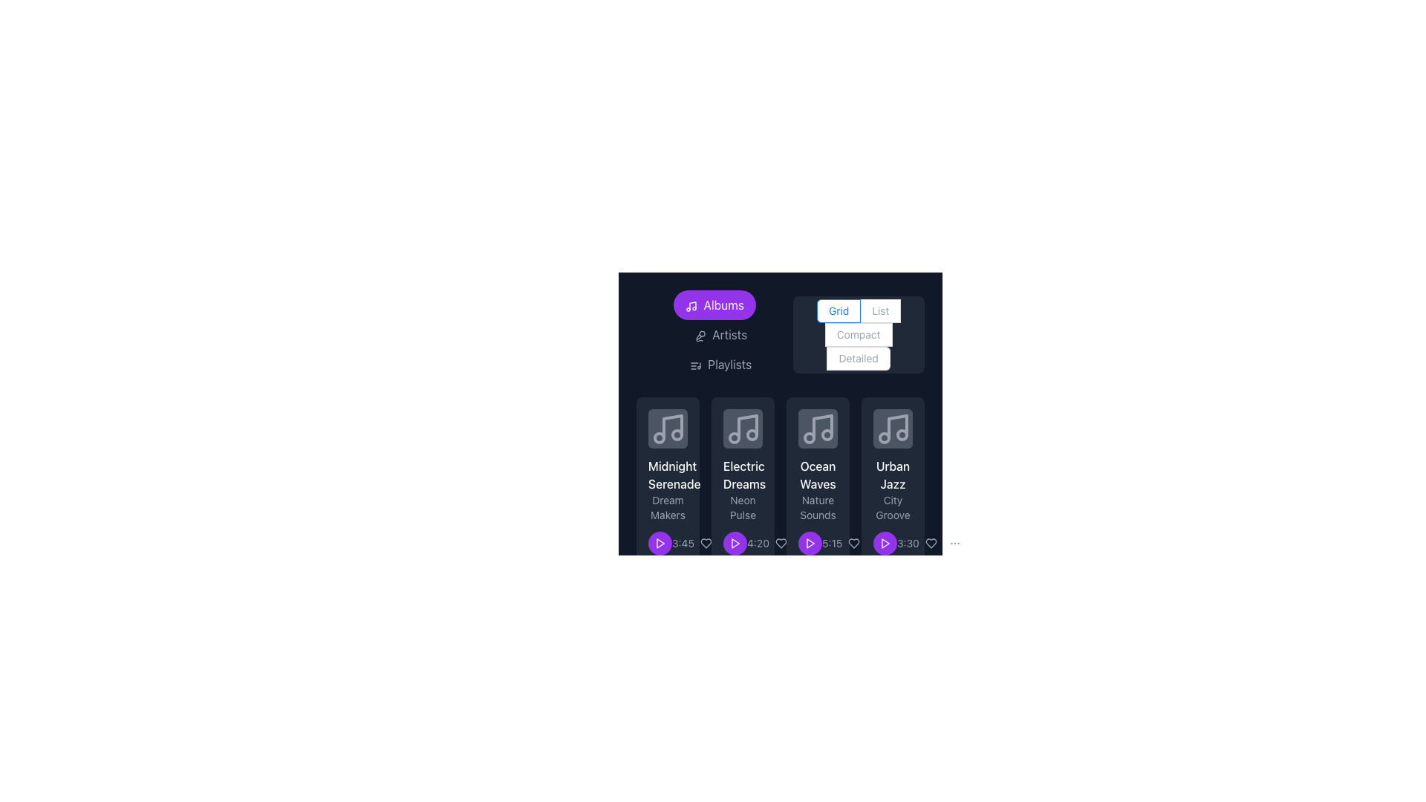  I want to click on static text label that serves as the title of a music album or track, located centrally towards the bottom half of the fourth card in a grid of music listings, directly above the text component labeled 'City Groove', so click(892, 475).